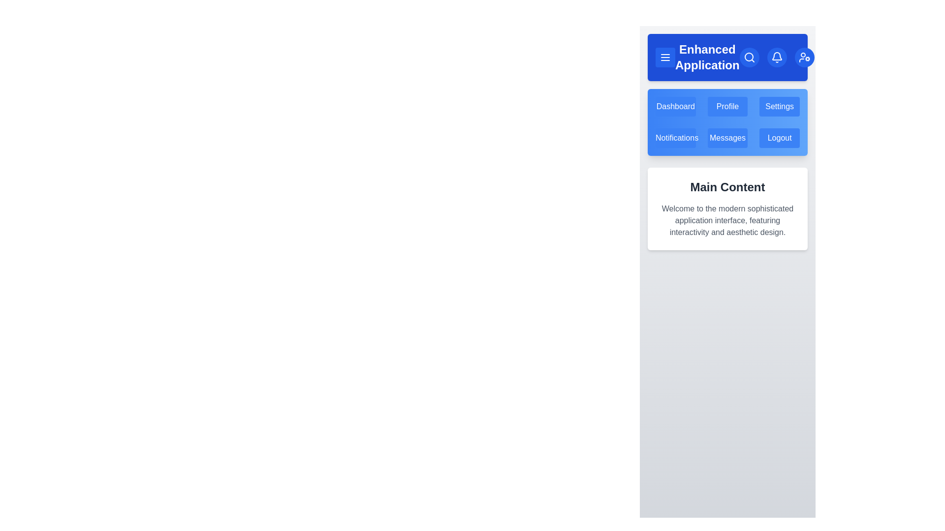 The height and width of the screenshot is (531, 945). Describe the element at coordinates (675, 138) in the screenshot. I see `the menu item Notifications` at that location.